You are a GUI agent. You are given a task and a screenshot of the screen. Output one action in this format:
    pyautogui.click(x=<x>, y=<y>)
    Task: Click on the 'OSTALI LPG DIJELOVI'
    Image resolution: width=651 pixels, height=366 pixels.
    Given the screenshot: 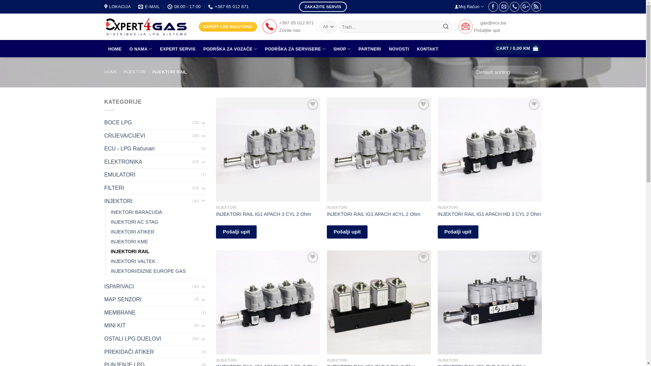 What is the action you would take?
    pyautogui.click(x=148, y=339)
    